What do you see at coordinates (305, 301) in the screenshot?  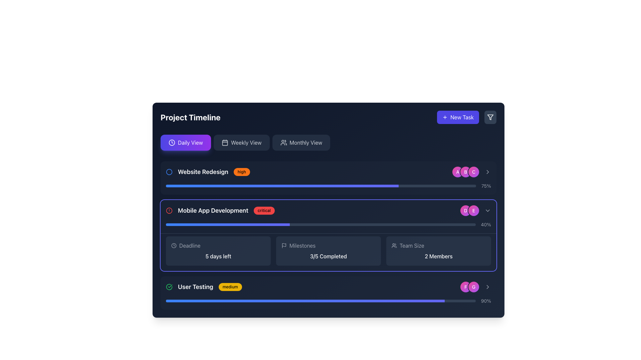 I see `the progress bar segment representing 90% completion for the 'User Testing' task, located towards the bottom of the list` at bounding box center [305, 301].